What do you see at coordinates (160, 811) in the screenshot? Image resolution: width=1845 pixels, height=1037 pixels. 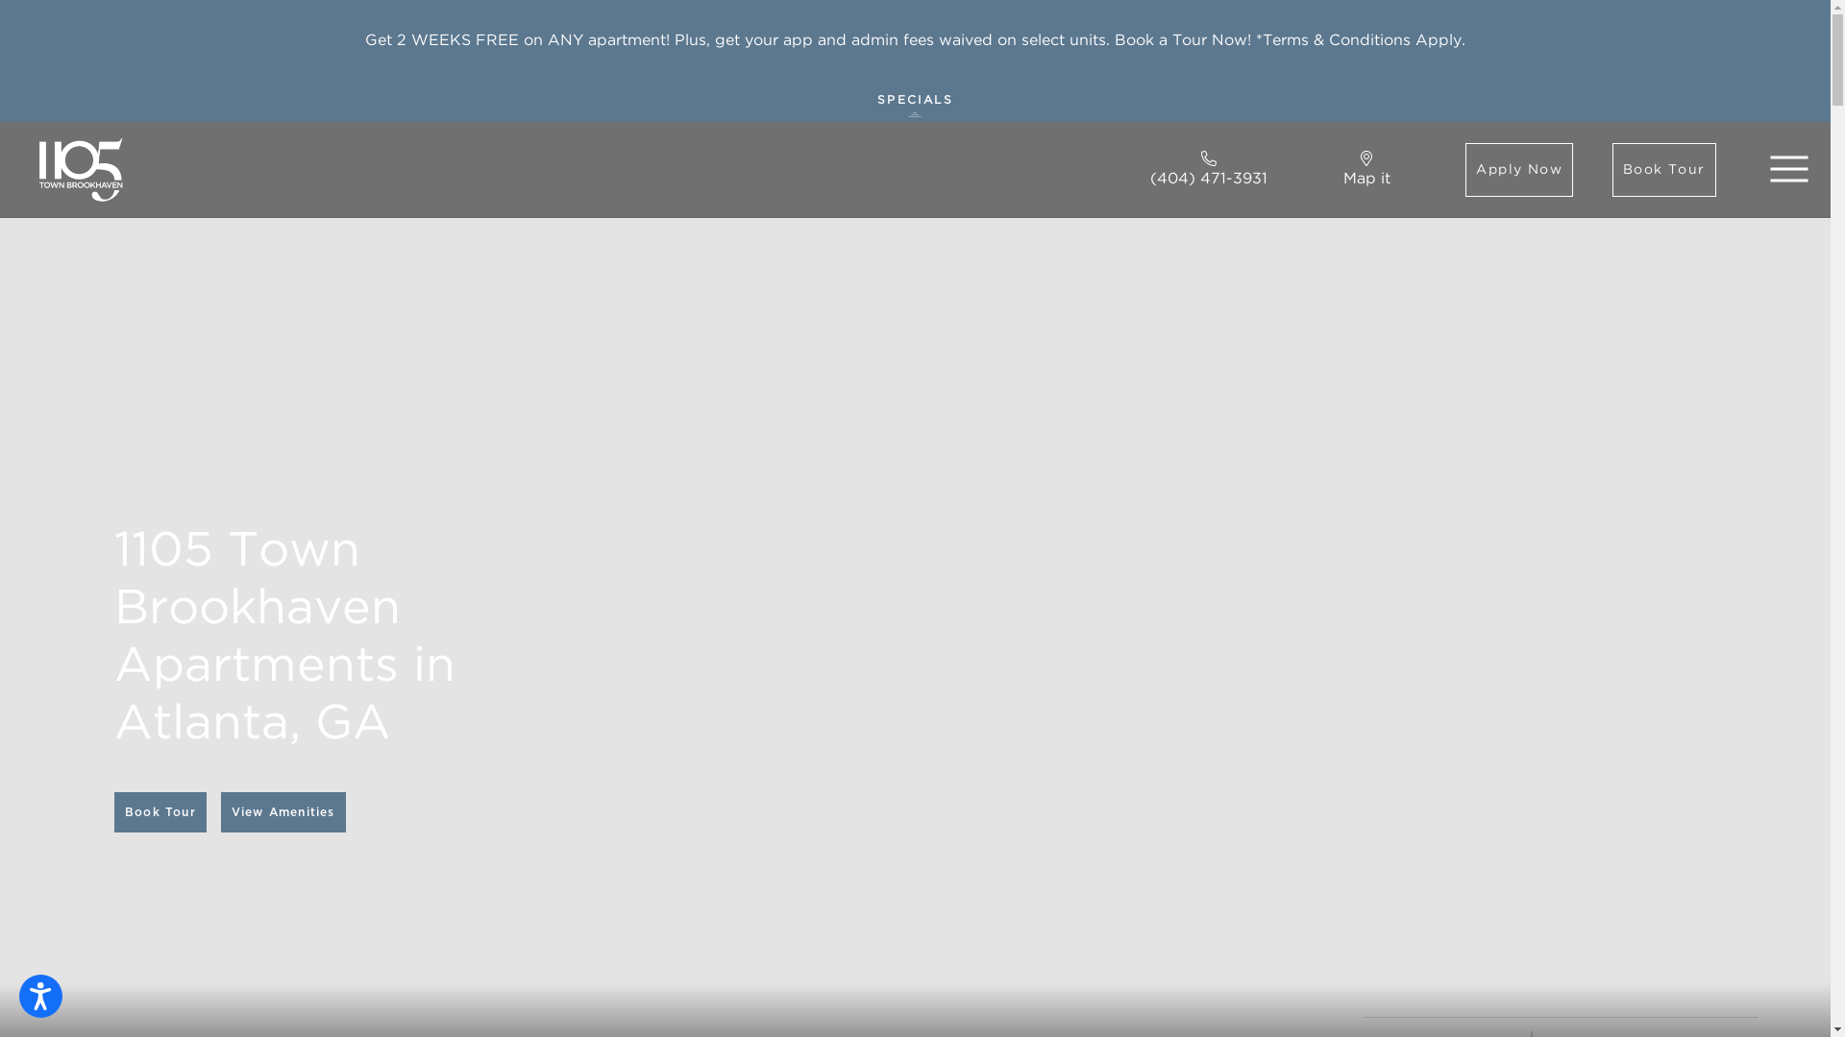 I see `'Book Tour'` at bounding box center [160, 811].